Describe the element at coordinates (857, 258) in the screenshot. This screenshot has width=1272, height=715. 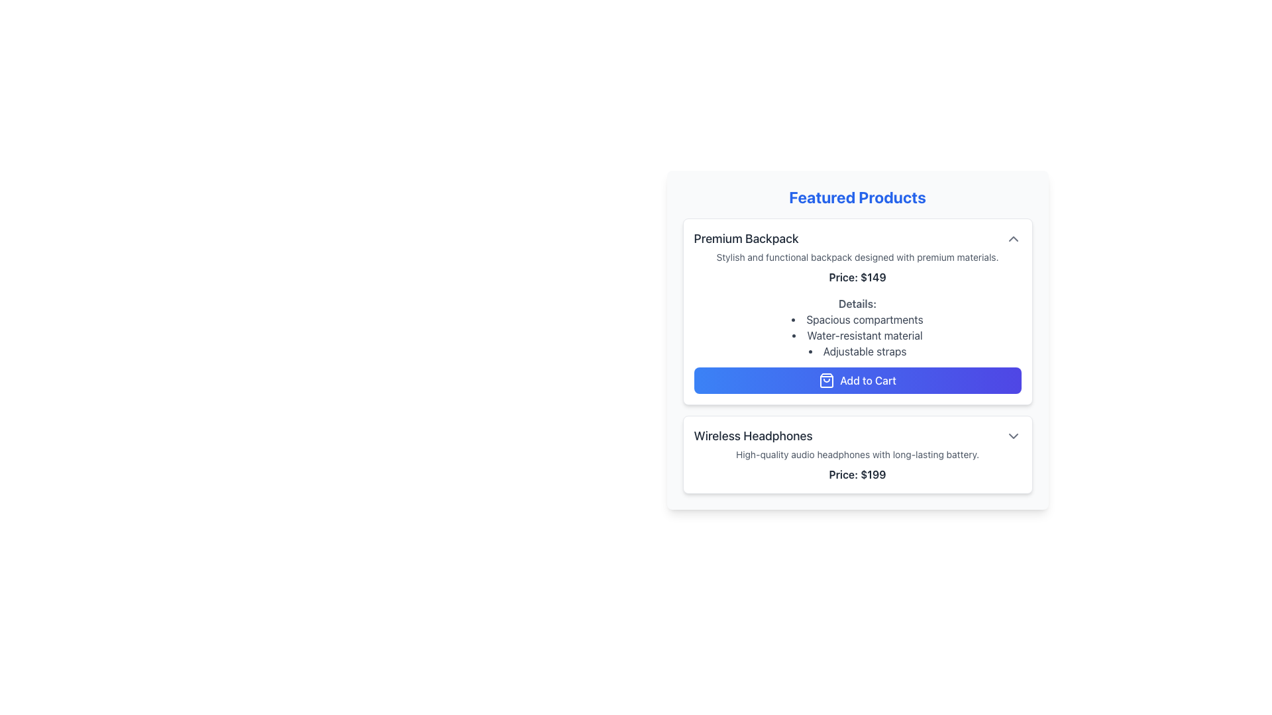
I see `descriptive text 'Stylish and functional backpack designed with premium materials.' located below the product title 'Premium Backpack' in the product details card` at that location.